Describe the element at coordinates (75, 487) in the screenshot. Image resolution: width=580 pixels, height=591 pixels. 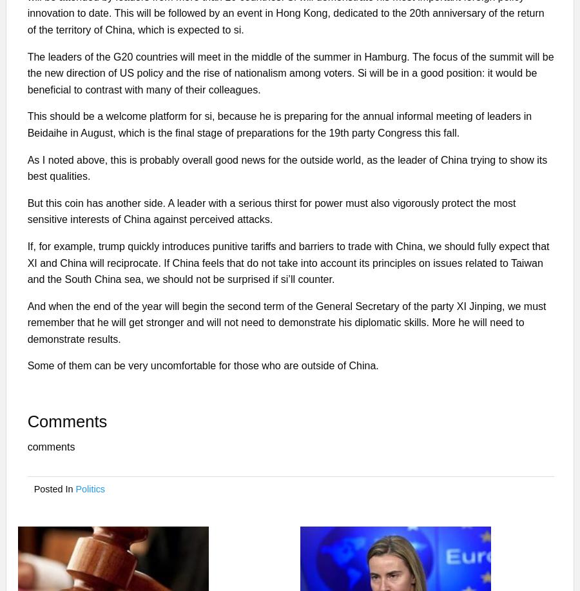
I see `'Politics'` at that location.